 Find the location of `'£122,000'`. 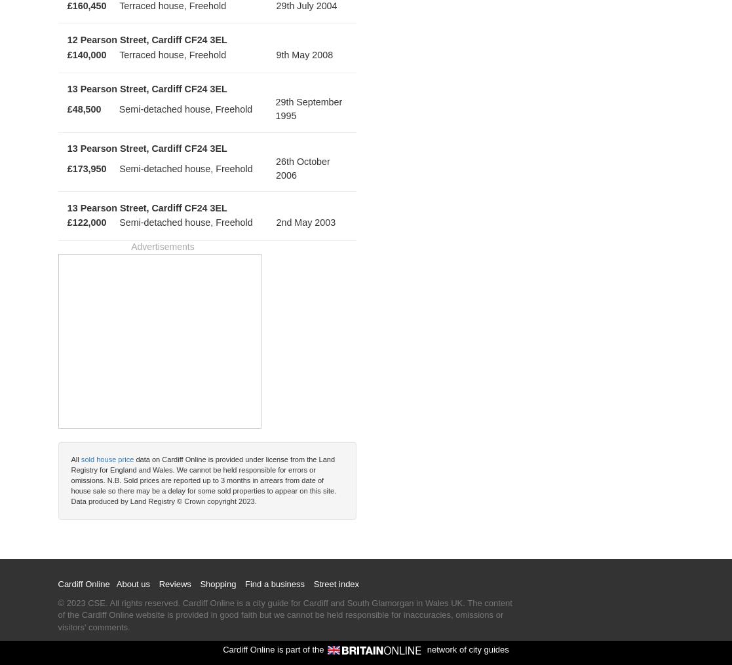

'£122,000' is located at coordinates (87, 222).